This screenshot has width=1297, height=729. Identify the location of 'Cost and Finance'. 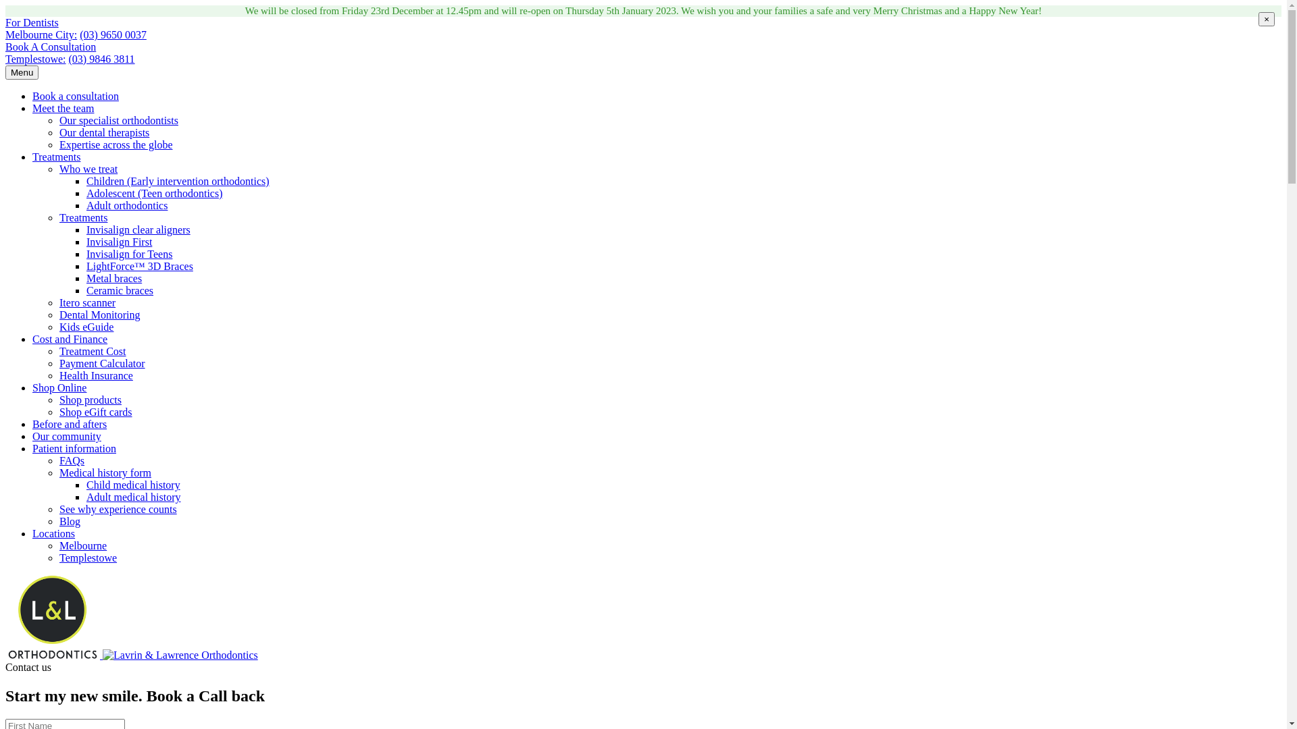
(32, 338).